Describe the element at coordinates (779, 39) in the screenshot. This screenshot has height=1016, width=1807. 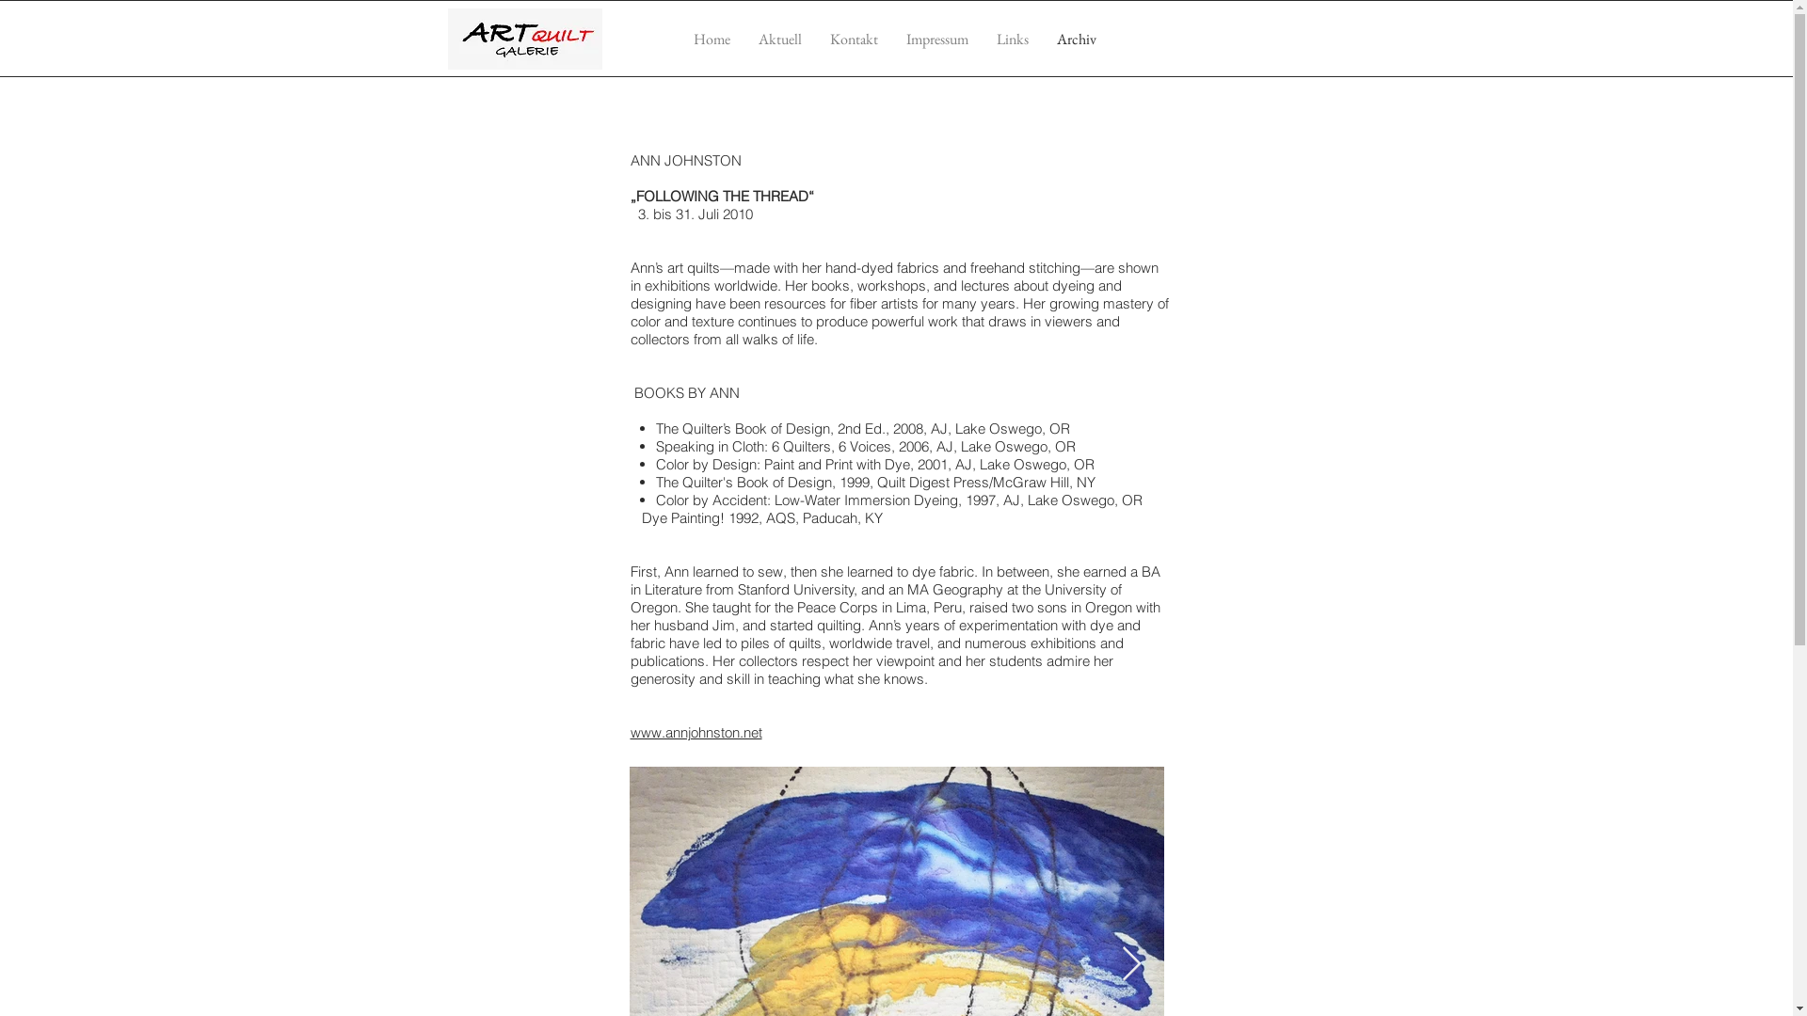
I see `'Aktuell'` at that location.